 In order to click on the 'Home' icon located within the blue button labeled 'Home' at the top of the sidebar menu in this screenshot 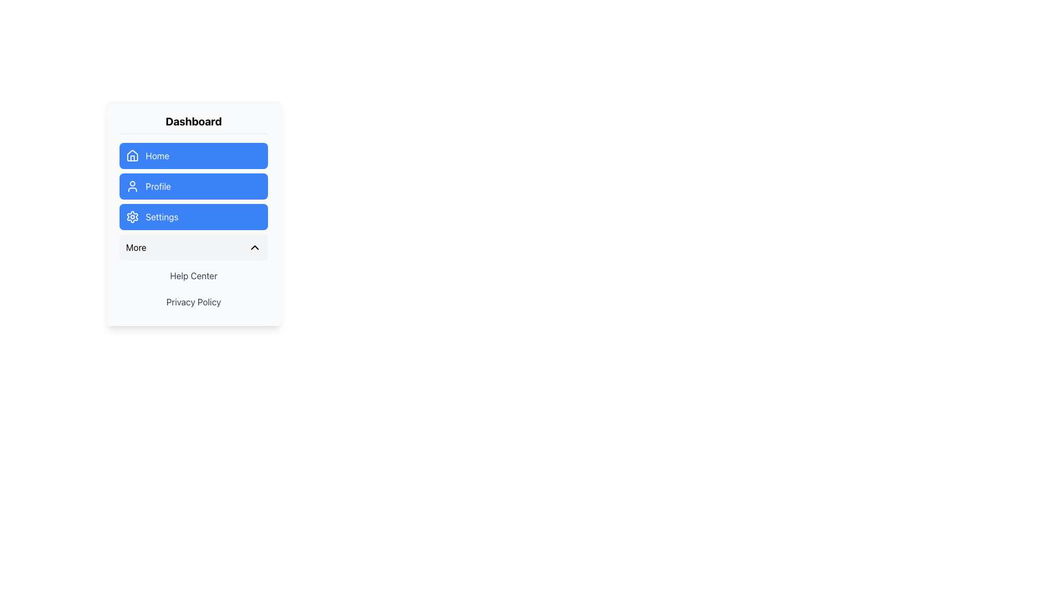, I will do `click(132, 155)`.